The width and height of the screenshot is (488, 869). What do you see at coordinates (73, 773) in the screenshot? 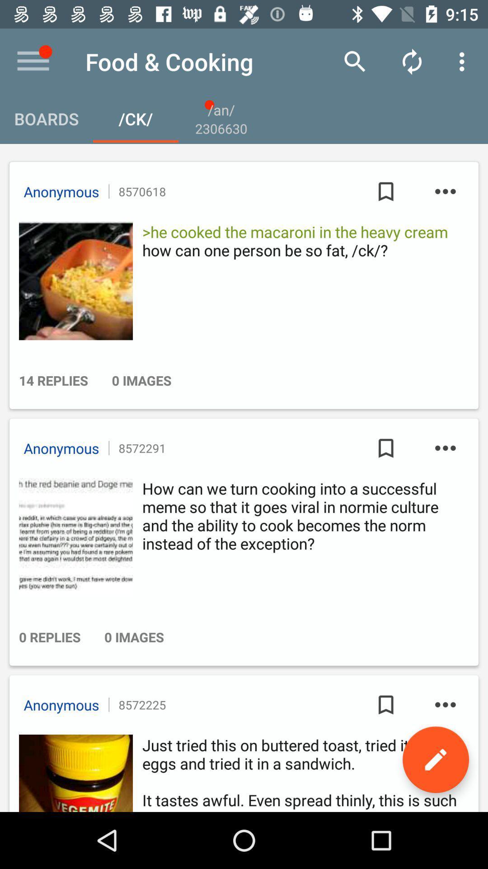
I see `advertisement` at bounding box center [73, 773].